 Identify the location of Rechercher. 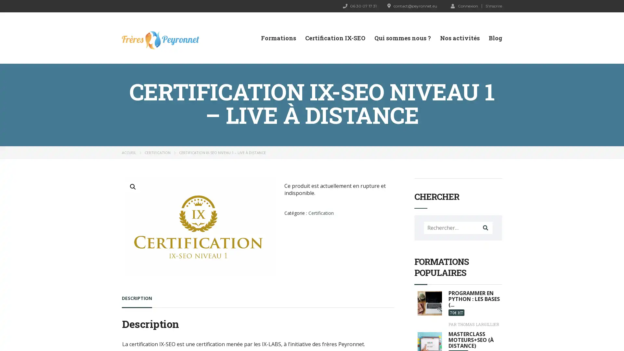
(485, 227).